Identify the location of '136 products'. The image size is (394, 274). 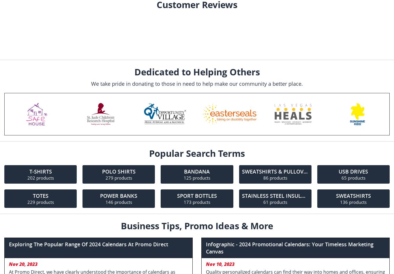
(353, 202).